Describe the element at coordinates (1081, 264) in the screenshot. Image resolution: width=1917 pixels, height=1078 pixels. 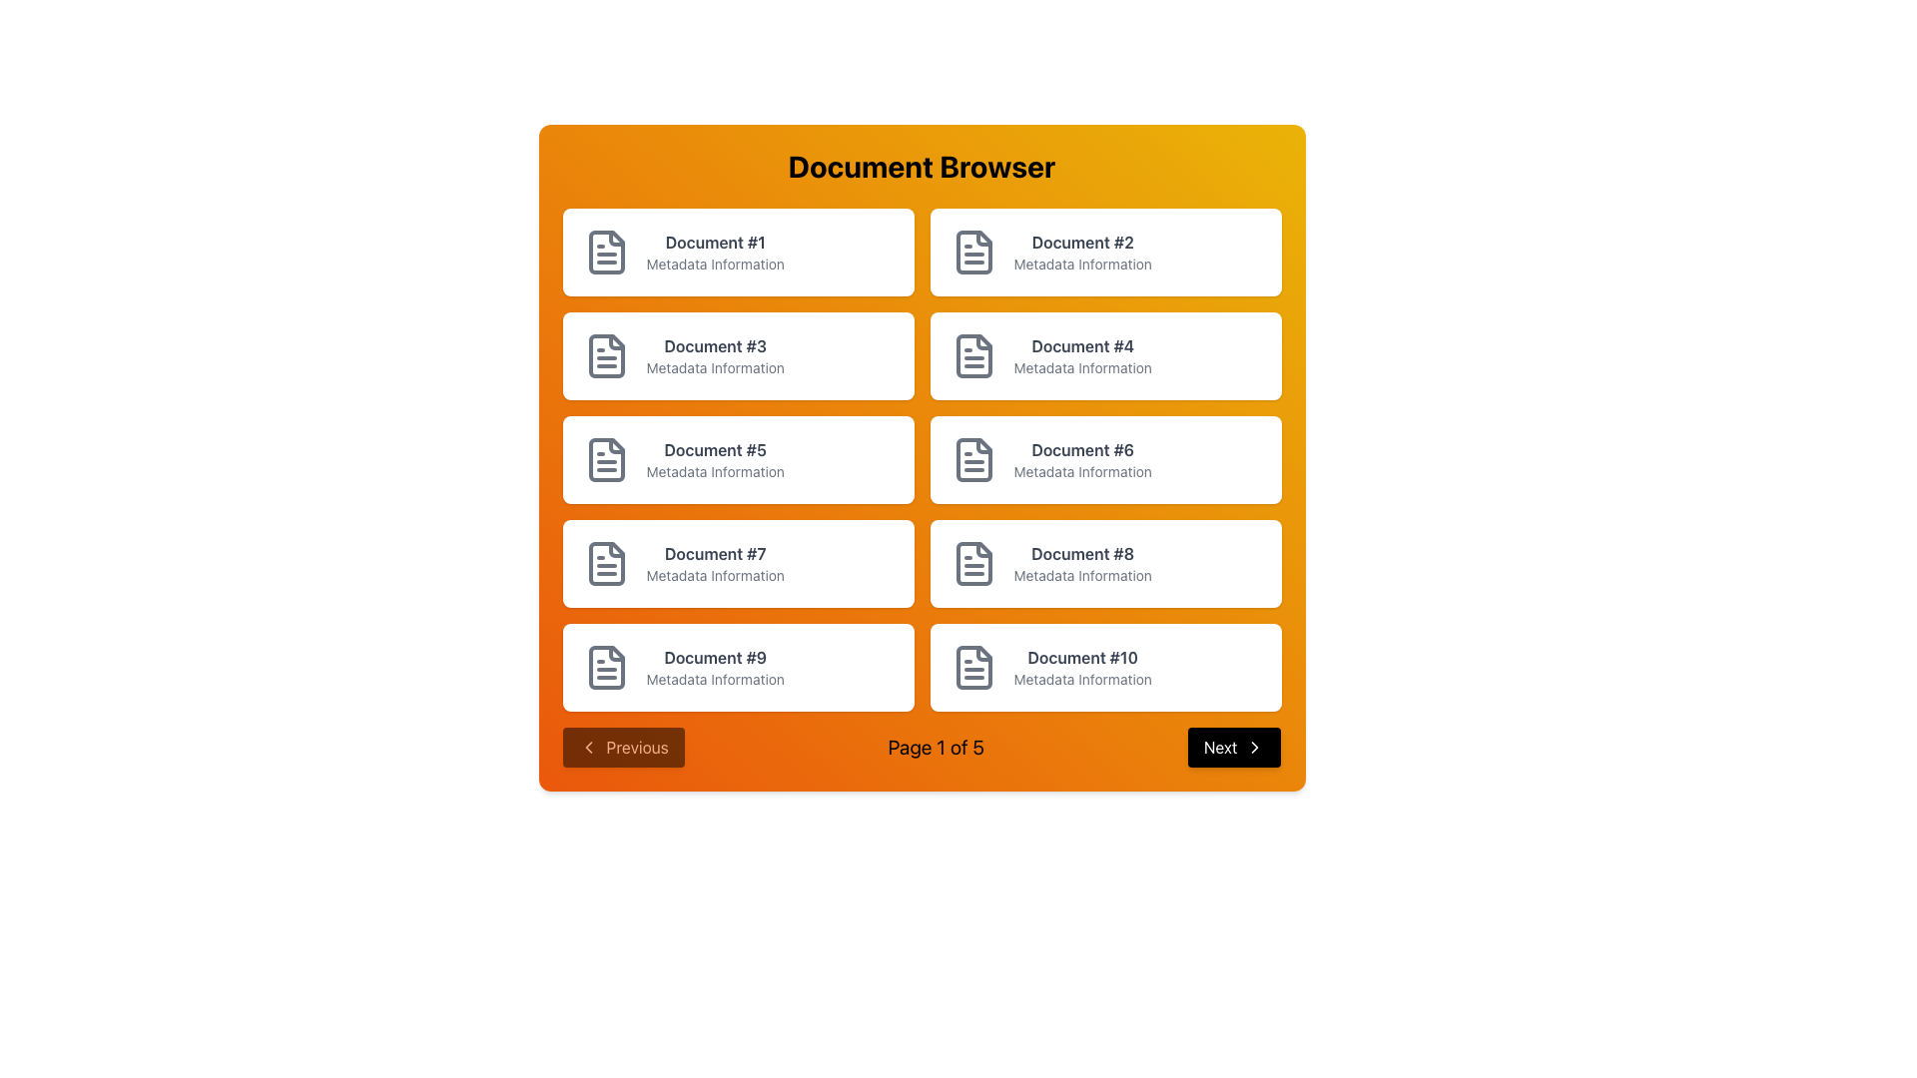
I see `the text label located below the heading 'Document #2' in the second card of the right column in a grid layout of the document browser interface` at that location.